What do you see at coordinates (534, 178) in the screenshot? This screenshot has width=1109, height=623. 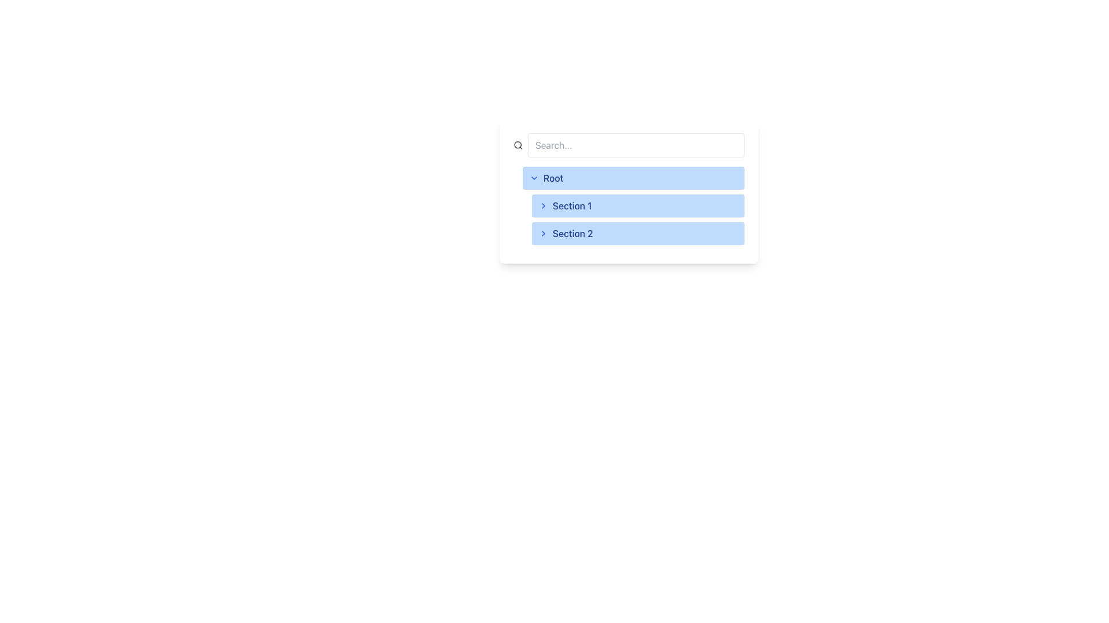 I see `the icon located to the left of the text 'Root'` at bounding box center [534, 178].